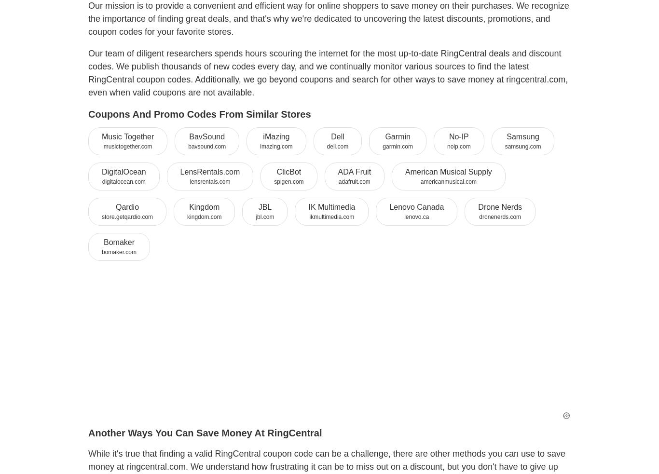  I want to click on 'No-IP', so click(458, 136).